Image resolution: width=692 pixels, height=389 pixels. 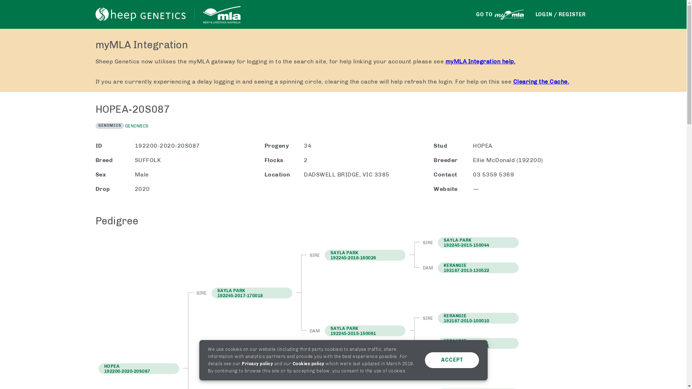 I want to click on 'Cookies policy', so click(x=308, y=364).